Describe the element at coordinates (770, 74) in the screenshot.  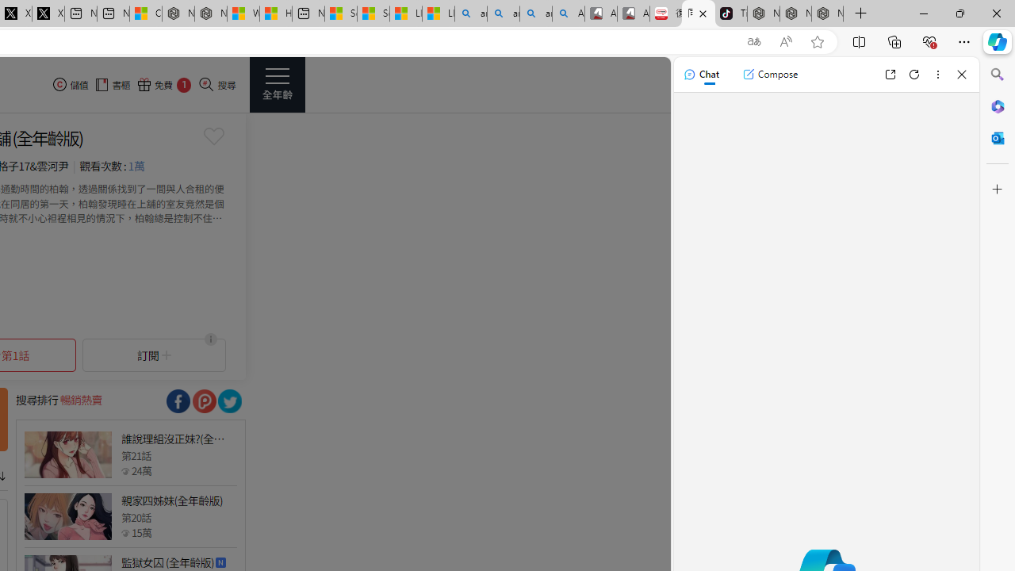
I see `'Compose'` at that location.